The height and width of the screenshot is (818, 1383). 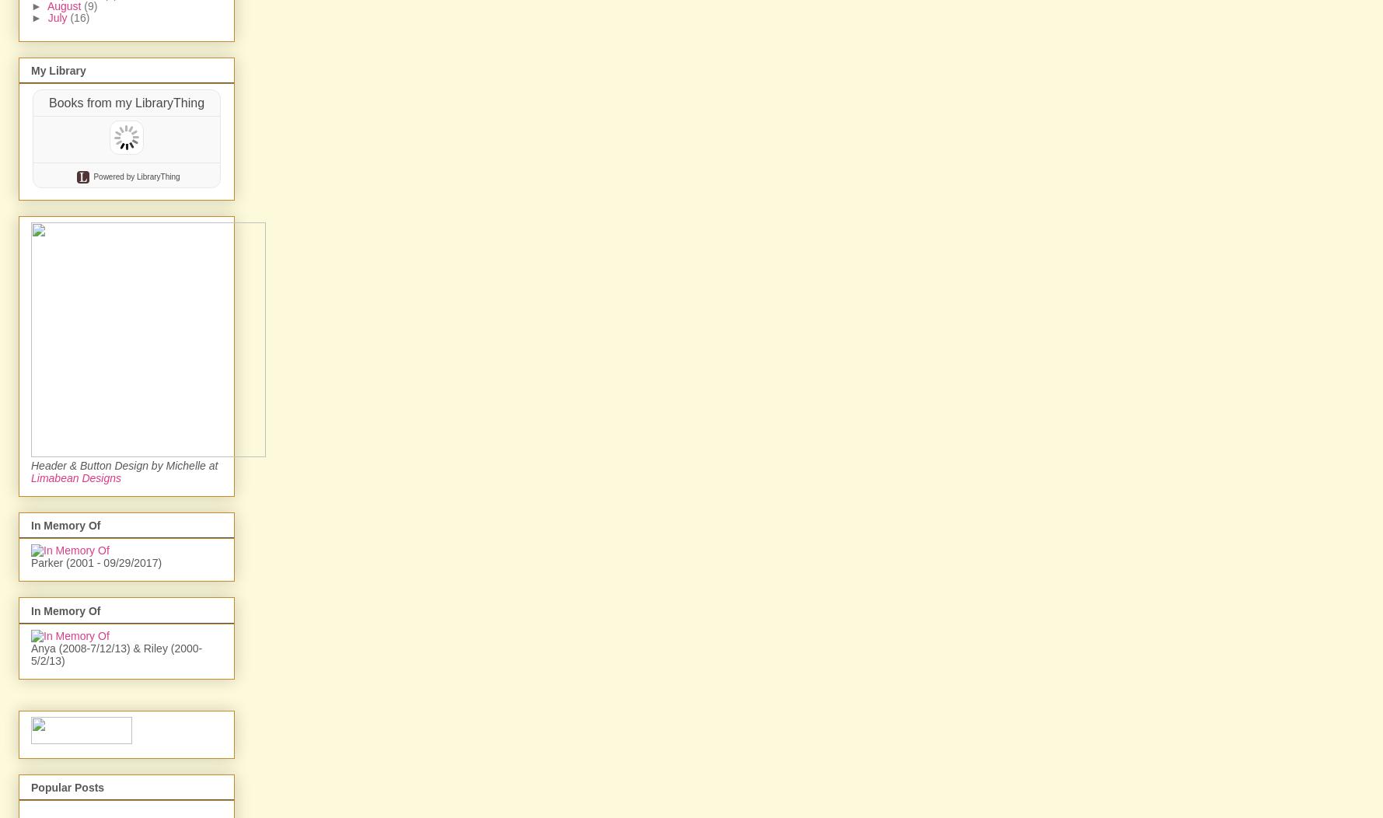 I want to click on 'July', so click(x=58, y=16).